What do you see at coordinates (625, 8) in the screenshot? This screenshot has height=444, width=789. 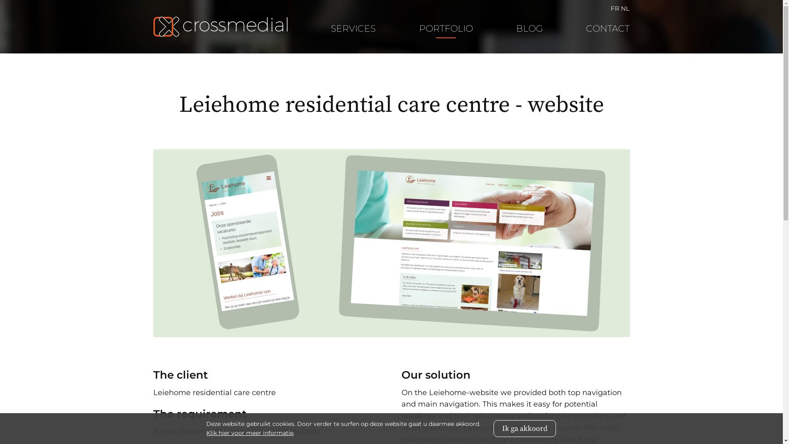 I see `'NL'` at bounding box center [625, 8].